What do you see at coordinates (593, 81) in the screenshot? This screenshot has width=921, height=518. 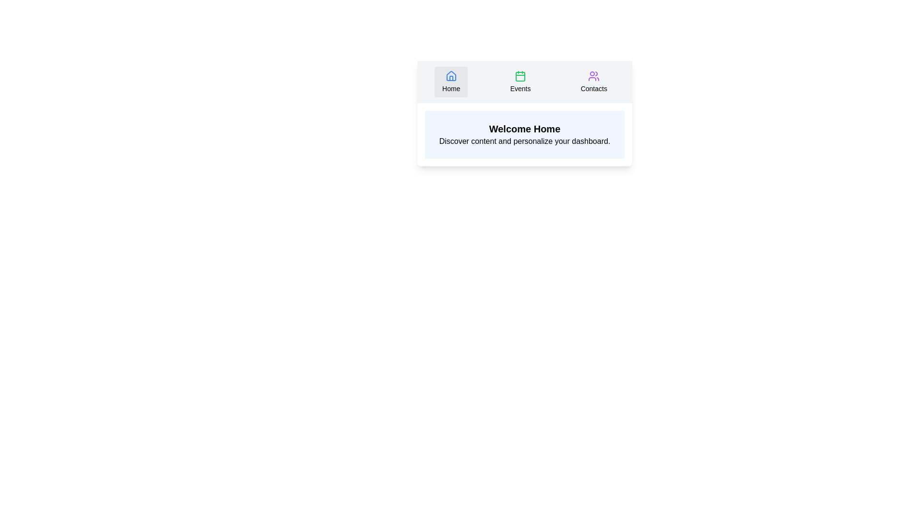 I see `the Contacts tab by clicking on it` at bounding box center [593, 81].